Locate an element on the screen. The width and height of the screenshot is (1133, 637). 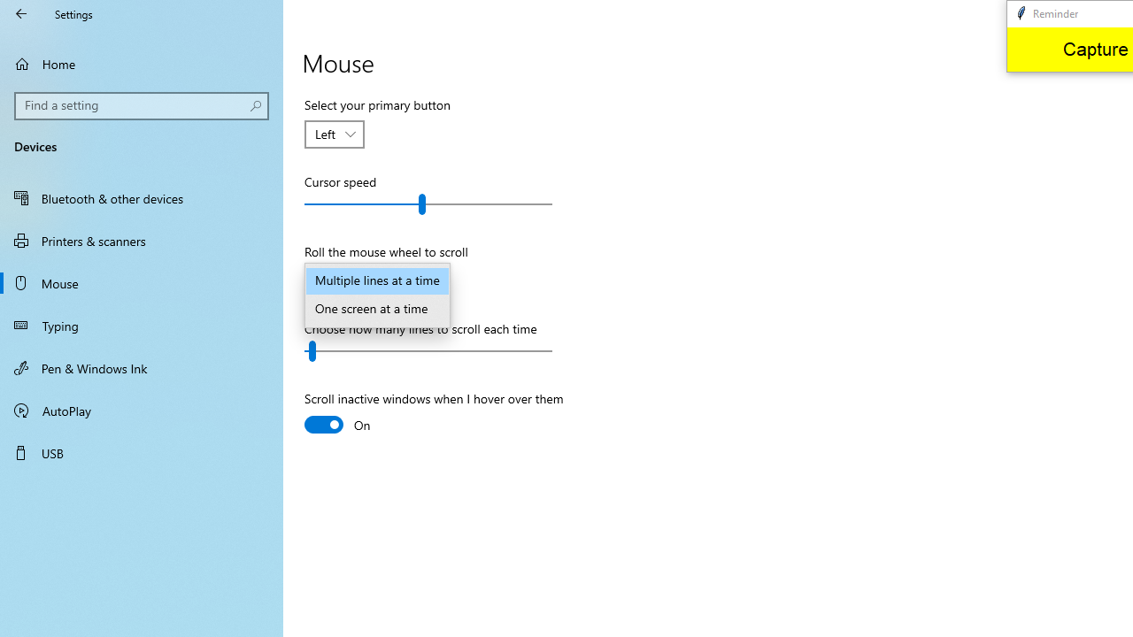
'Bluetooth & other devices' is located at coordinates (142, 197).